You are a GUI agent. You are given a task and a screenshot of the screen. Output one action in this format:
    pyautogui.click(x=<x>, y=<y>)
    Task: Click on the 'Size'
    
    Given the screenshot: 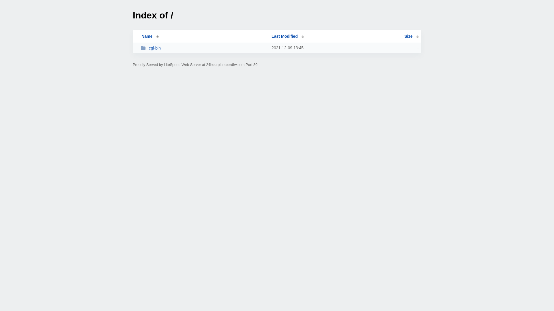 What is the action you would take?
    pyautogui.click(x=411, y=36)
    